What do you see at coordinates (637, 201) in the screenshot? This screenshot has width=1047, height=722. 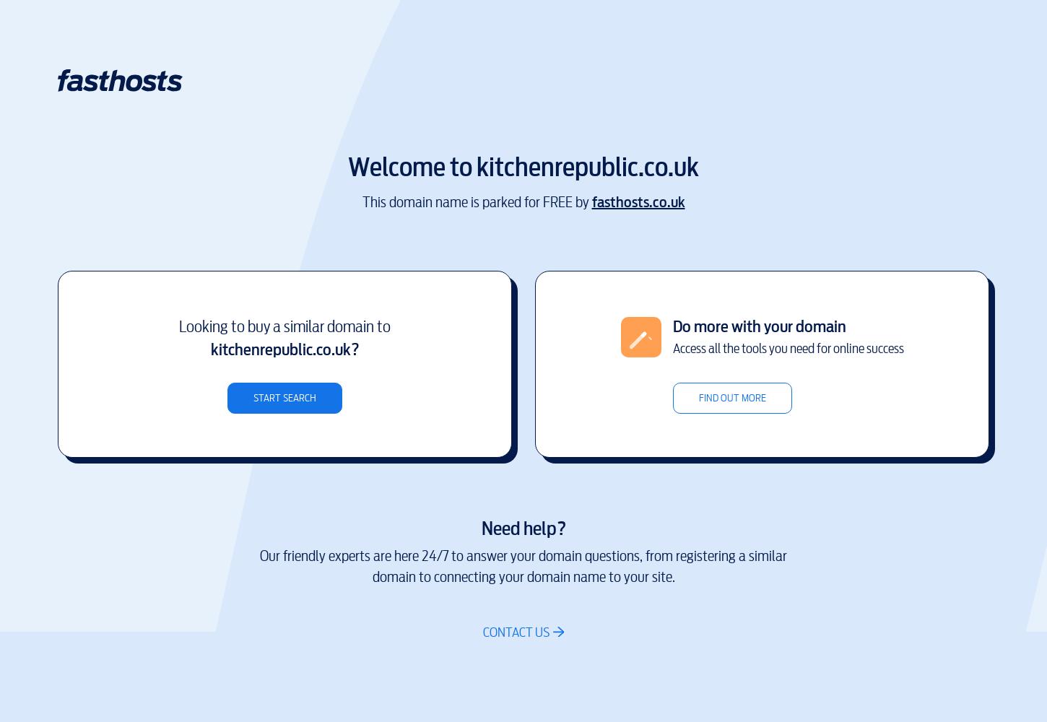 I see `'fasthosts.co.uk'` at bounding box center [637, 201].